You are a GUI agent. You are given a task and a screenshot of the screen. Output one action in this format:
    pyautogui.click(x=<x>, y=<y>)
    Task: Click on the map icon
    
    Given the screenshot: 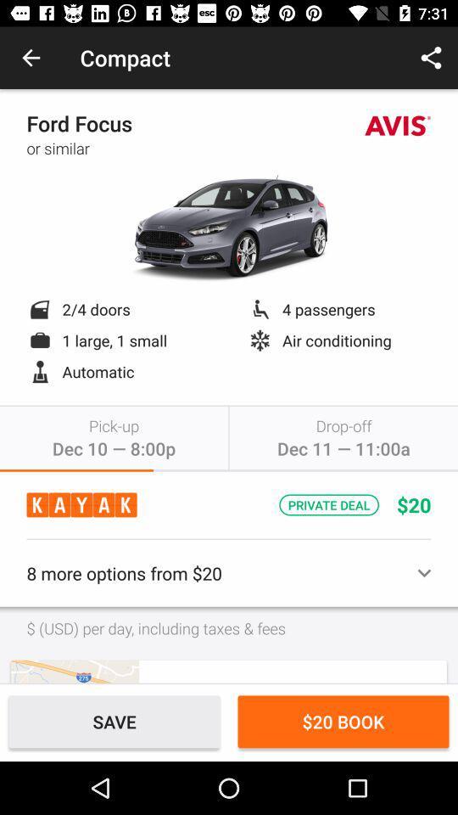 What is the action you would take?
    pyautogui.click(x=74, y=672)
    